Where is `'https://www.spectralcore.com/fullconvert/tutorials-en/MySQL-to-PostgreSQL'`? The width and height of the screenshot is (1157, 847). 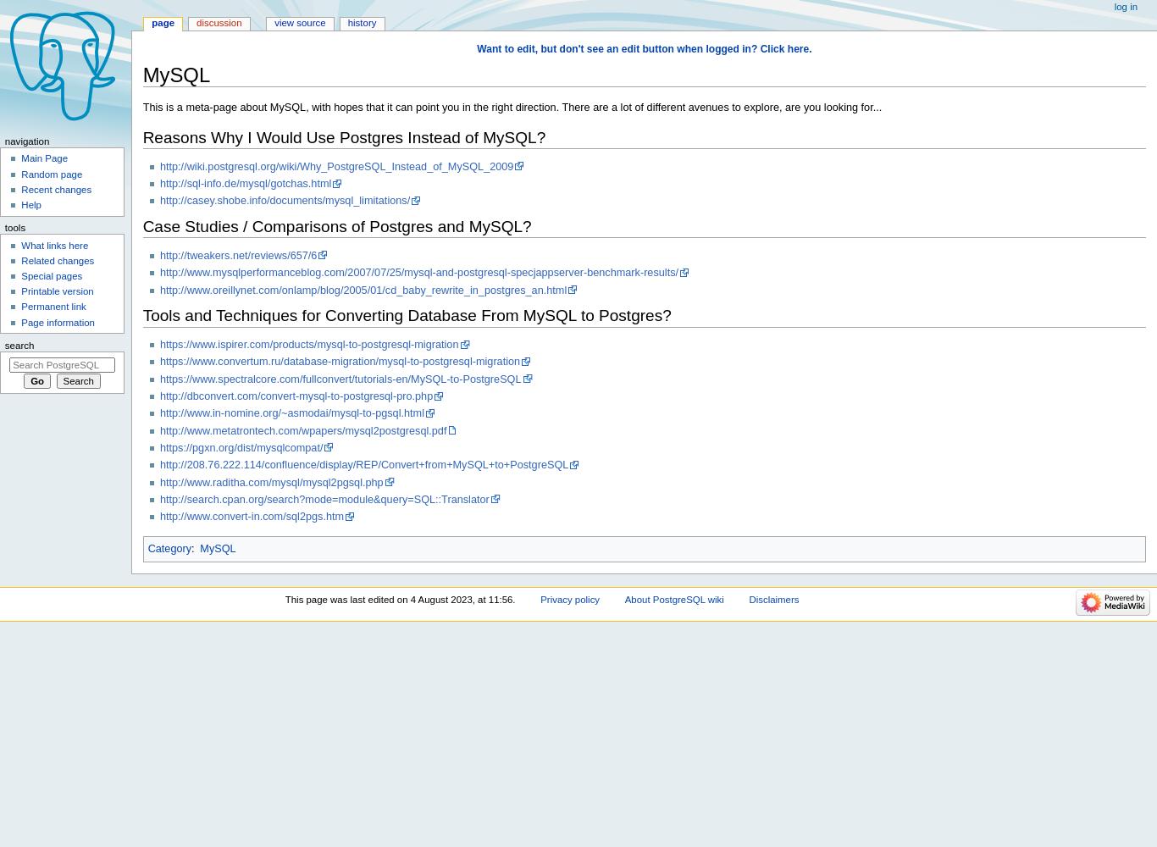 'https://www.spectralcore.com/fullconvert/tutorials-en/MySQL-to-PostgreSQL' is located at coordinates (339, 378).